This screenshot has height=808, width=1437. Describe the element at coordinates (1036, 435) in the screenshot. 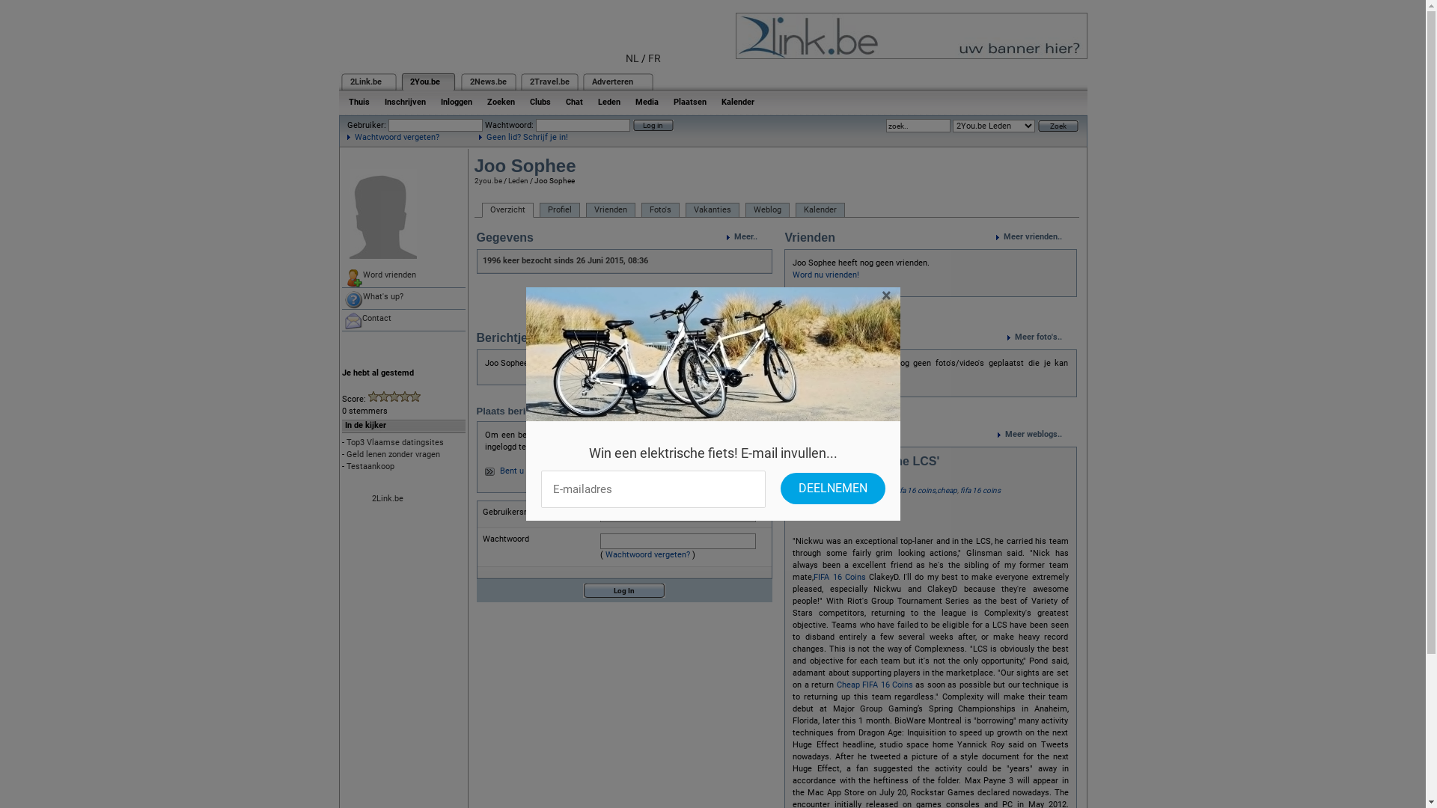

I see `'Meer weblogs..'` at that location.